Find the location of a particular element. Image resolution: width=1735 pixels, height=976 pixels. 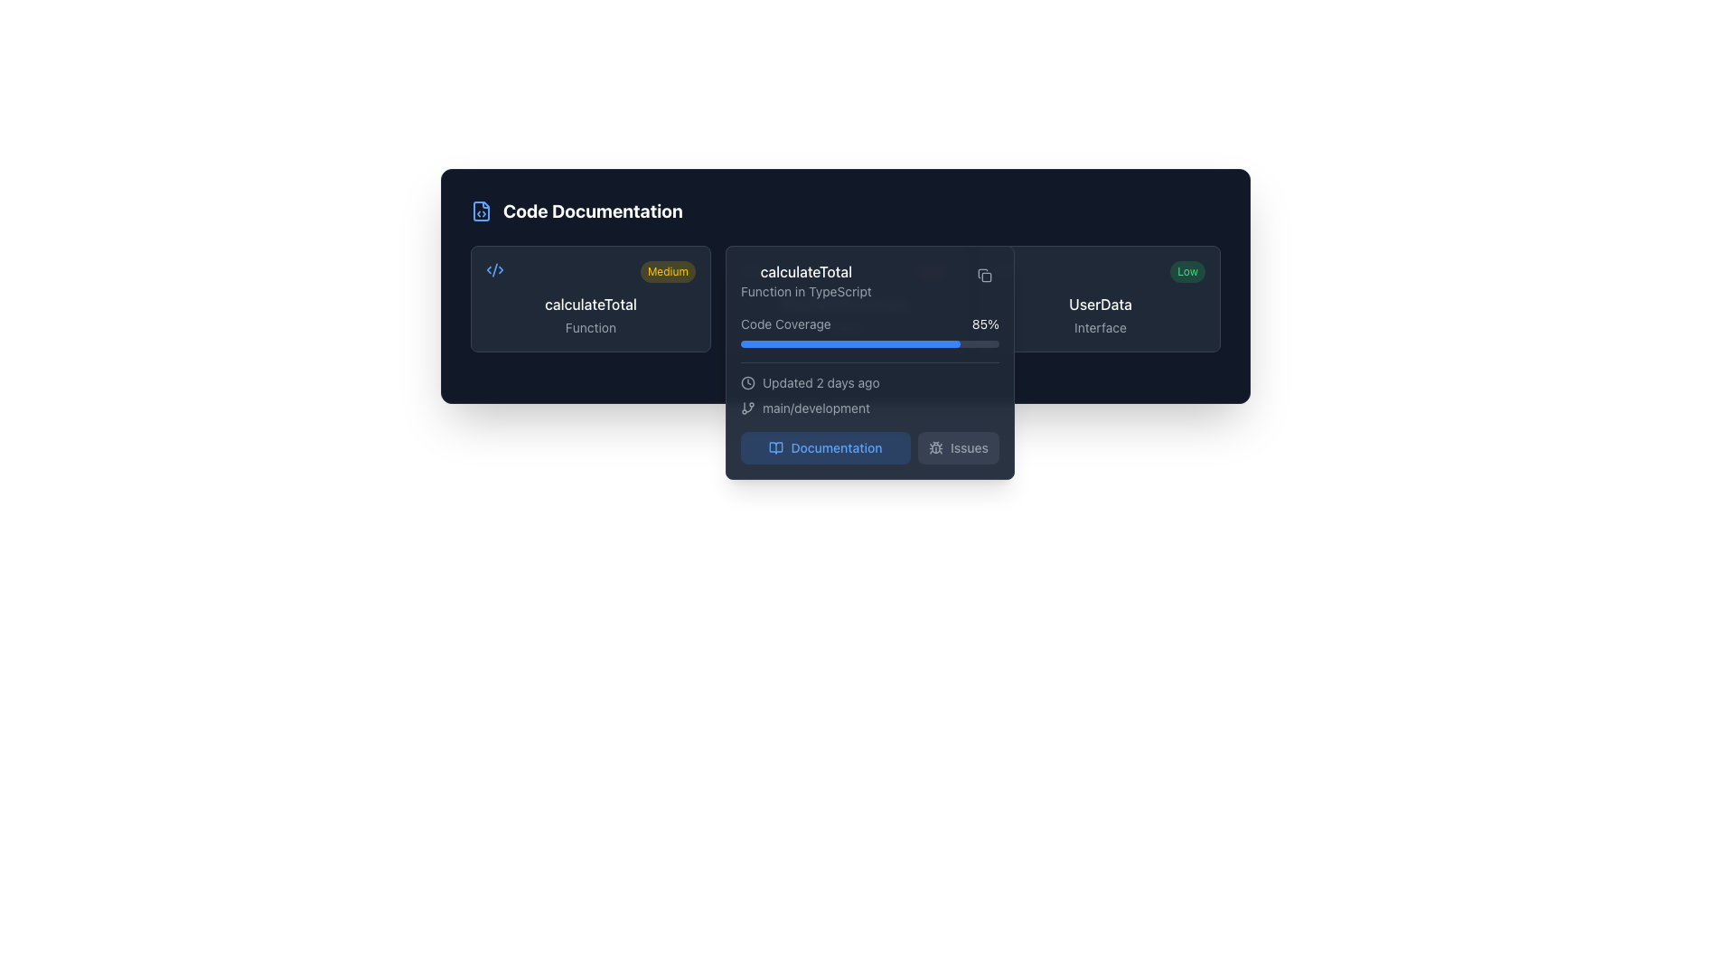

the decorative circular ring of the clock icon located in the top-left corner of the pop-up dialog for the 'calculateTotal' function is located at coordinates (748, 382).